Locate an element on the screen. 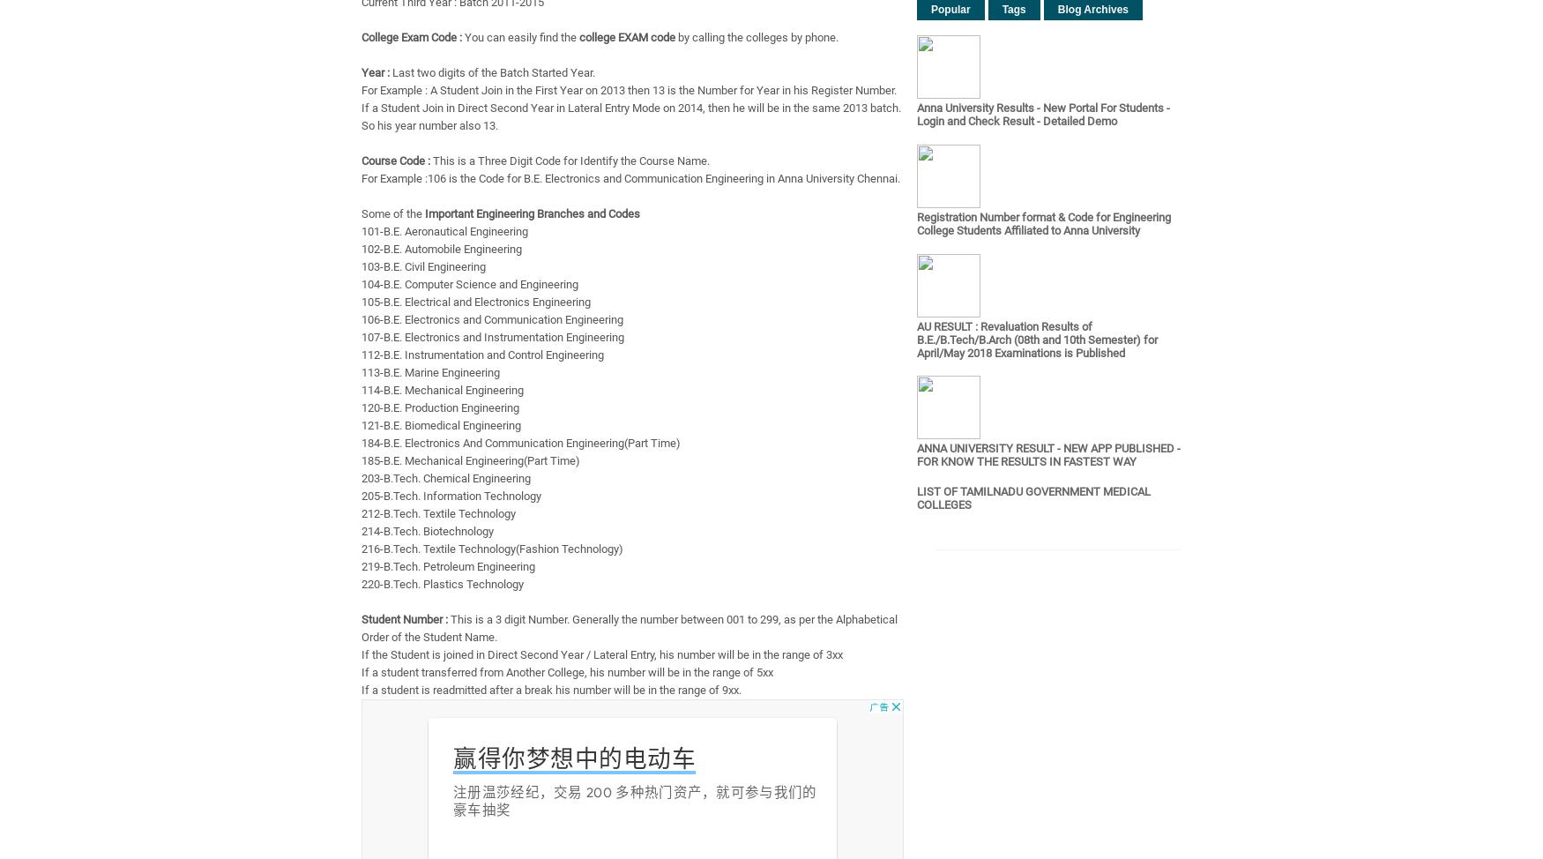 This screenshot has width=1543, height=859. 'Some of the' is located at coordinates (393, 213).